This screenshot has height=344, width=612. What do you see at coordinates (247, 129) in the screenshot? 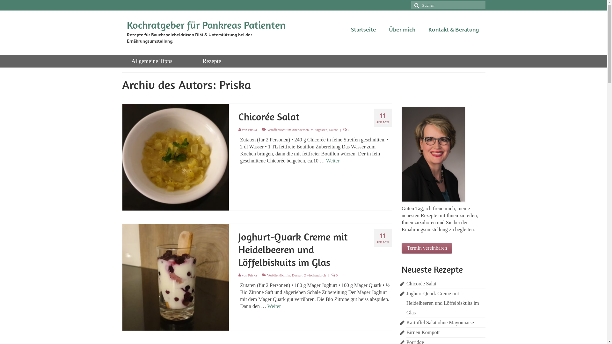
I see `'Priska'` at bounding box center [247, 129].